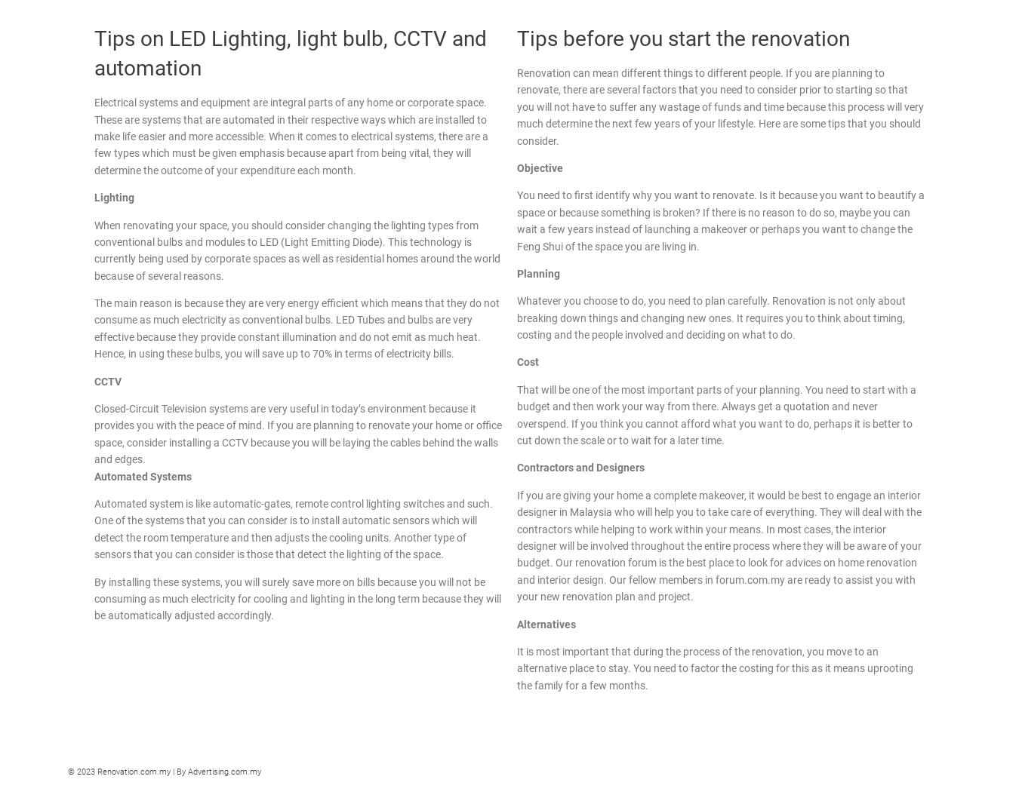 The height and width of the screenshot is (801, 1019). What do you see at coordinates (516, 622) in the screenshot?
I see `'Alternatives'` at bounding box center [516, 622].